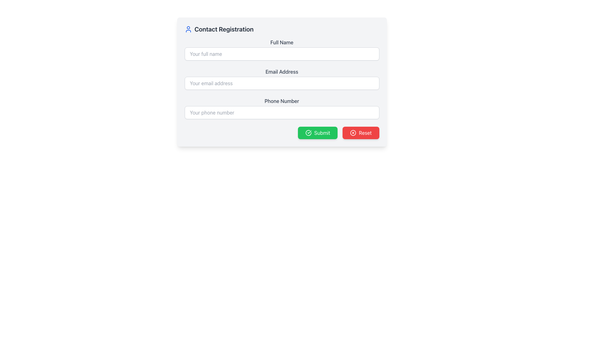 The image size is (599, 337). Describe the element at coordinates (353, 132) in the screenshot. I see `the decorative SVG Circle located near the top-right of the interface, adjacent to the title of the registration form` at that location.